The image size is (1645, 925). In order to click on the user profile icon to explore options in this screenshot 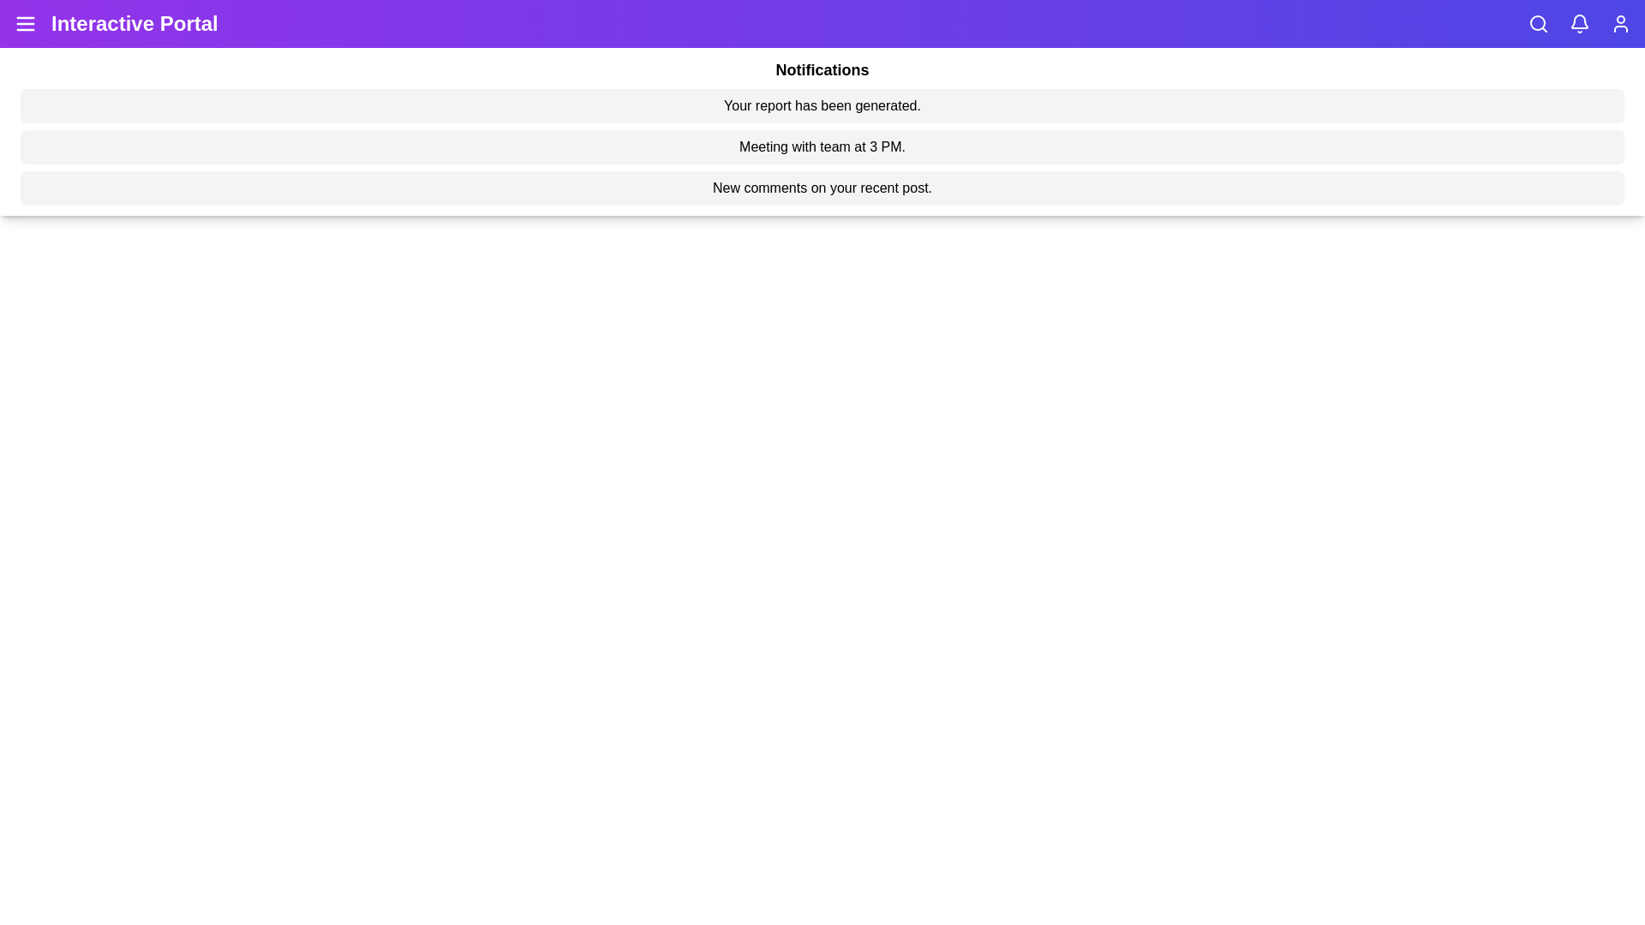, I will do `click(1619, 23)`.